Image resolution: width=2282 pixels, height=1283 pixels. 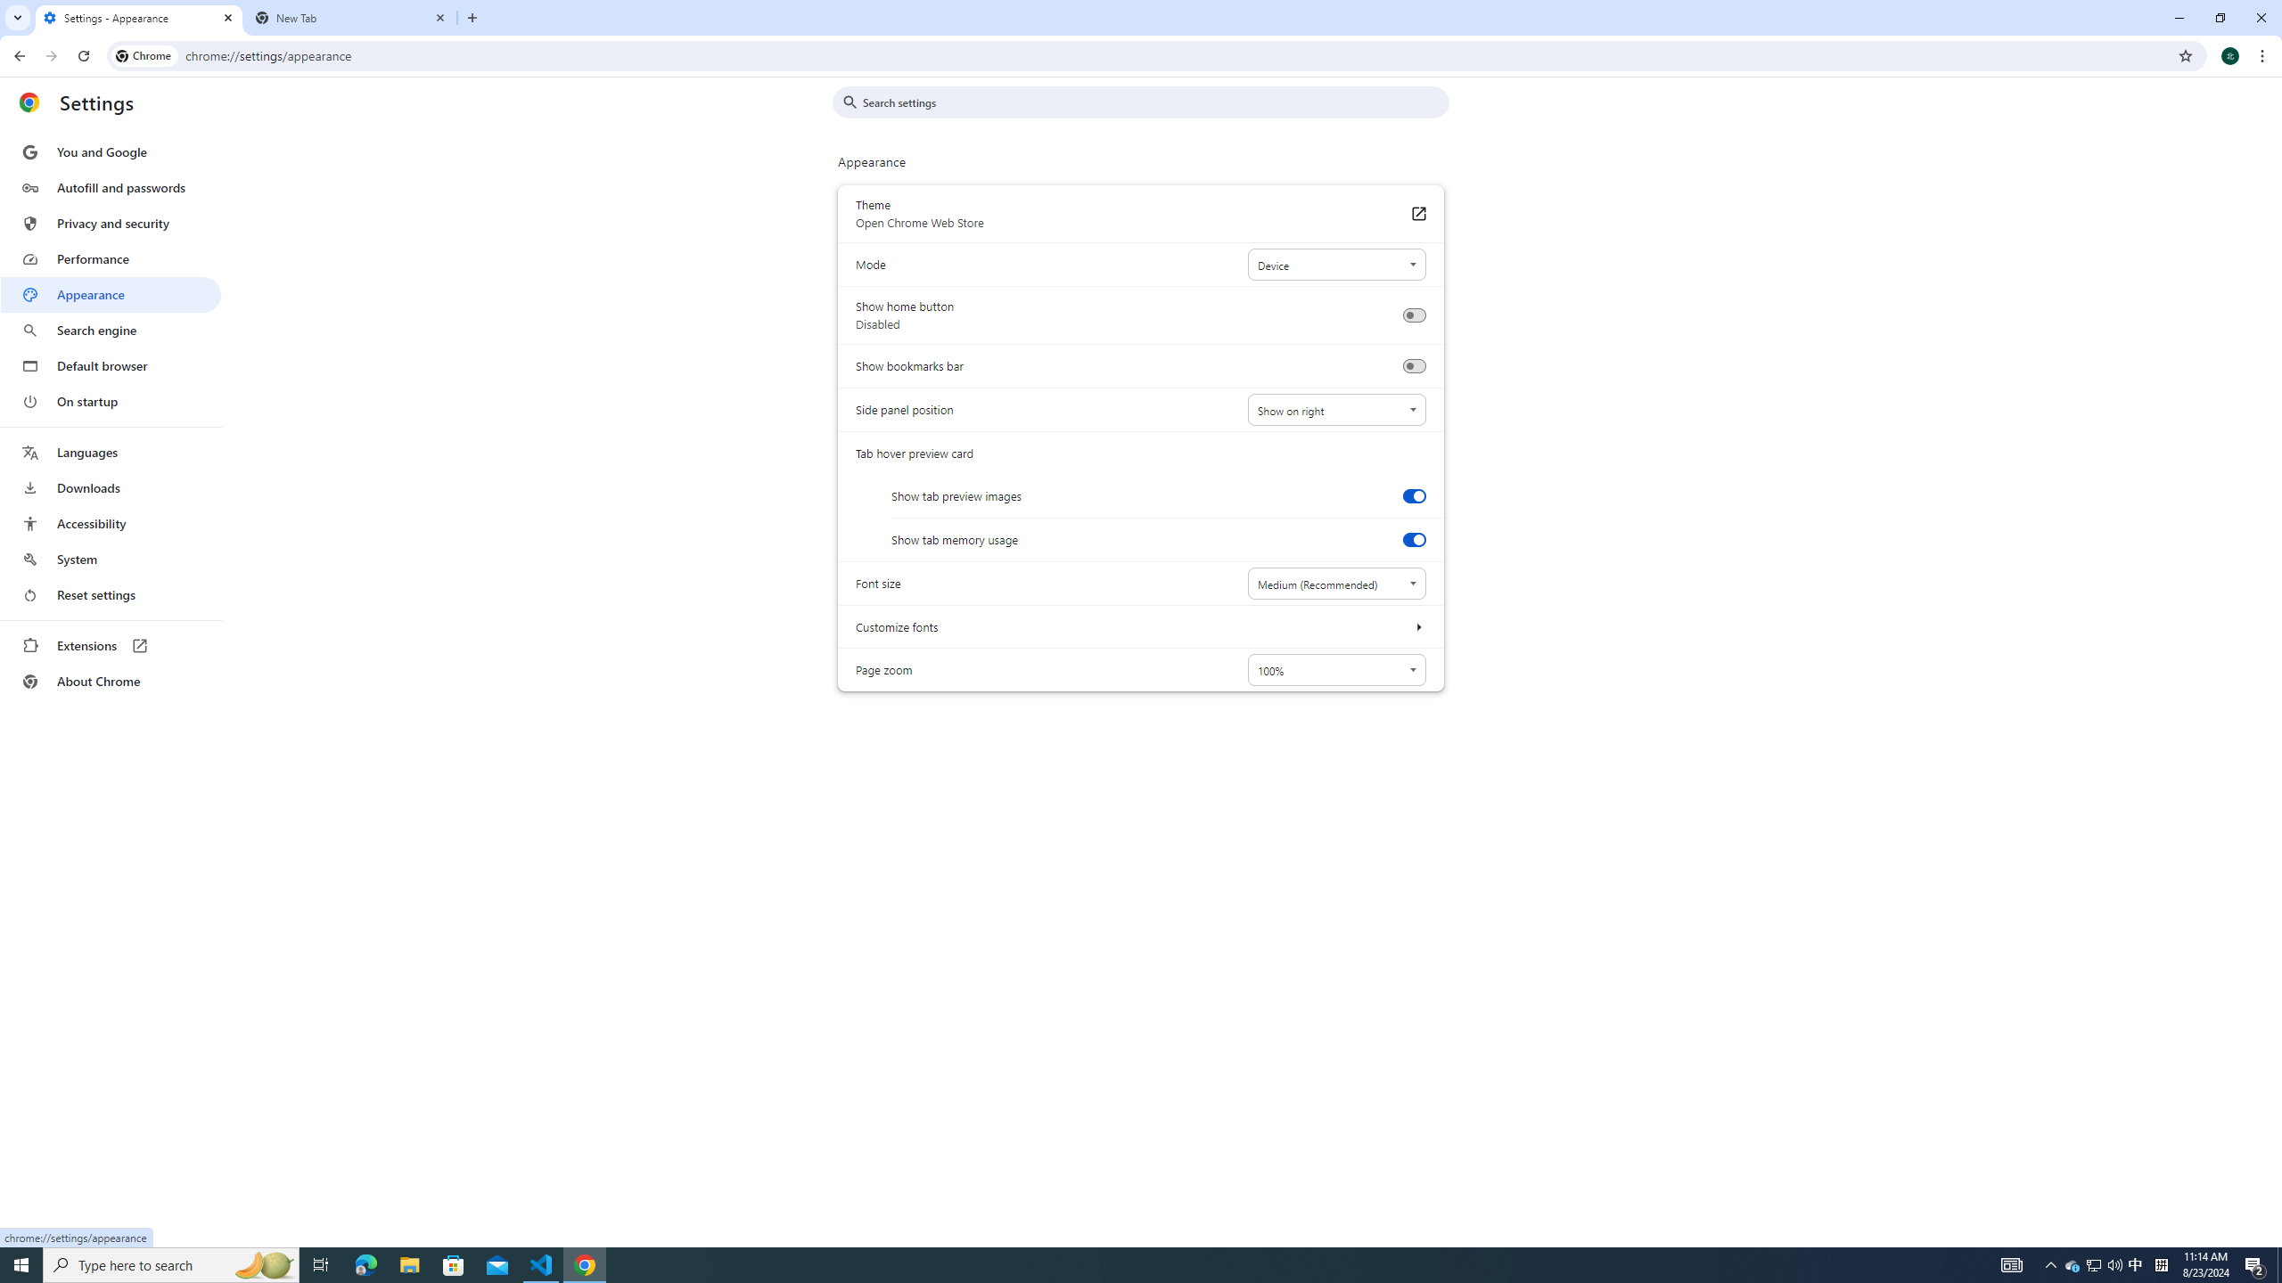 What do you see at coordinates (1334, 669) in the screenshot?
I see `'Page zoom'` at bounding box center [1334, 669].